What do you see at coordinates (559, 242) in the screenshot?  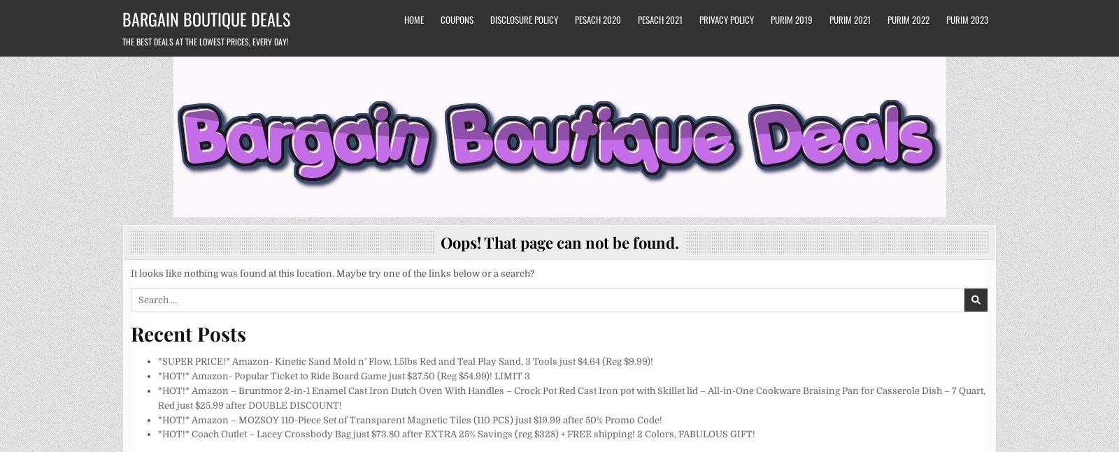 I see `'Oops! That page can not be found.'` at bounding box center [559, 242].